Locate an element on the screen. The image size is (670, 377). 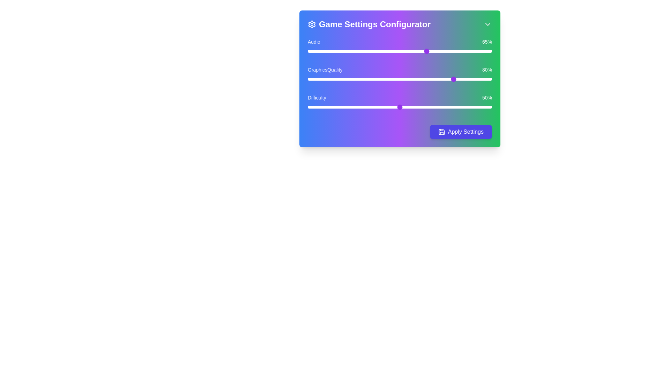
the audio volume is located at coordinates (339, 51).